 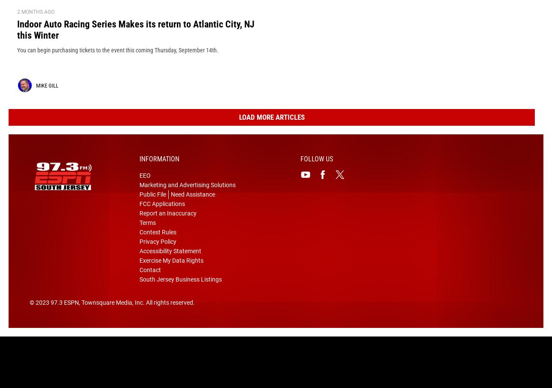 What do you see at coordinates (144, 189) in the screenshot?
I see `'EEO'` at bounding box center [144, 189].